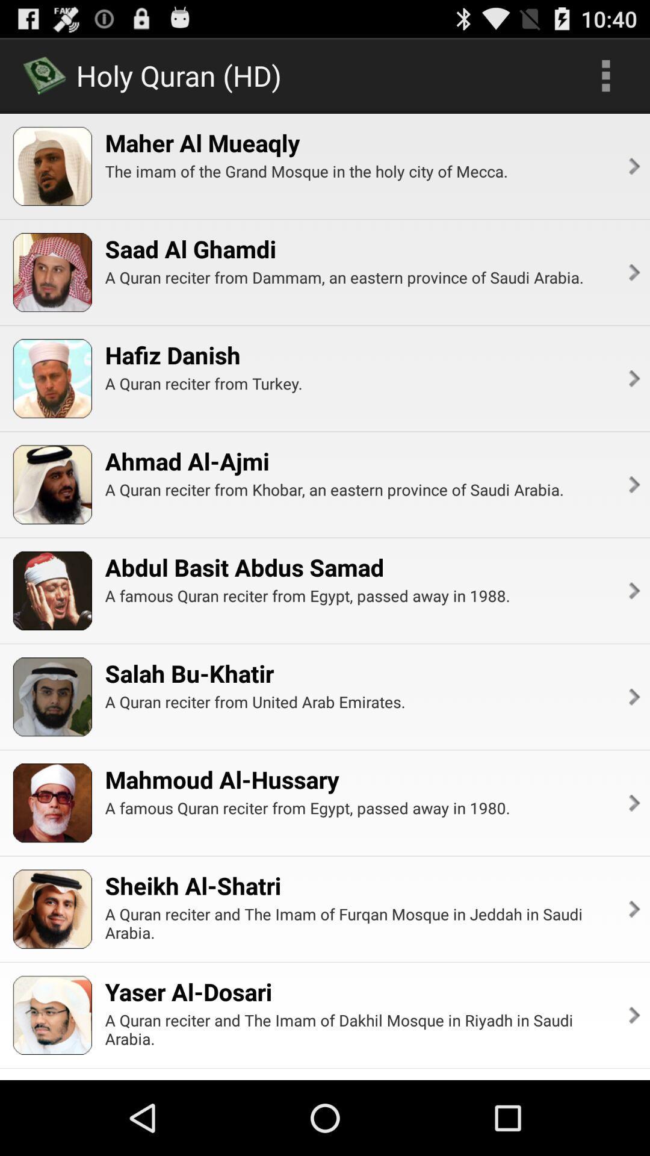  Describe the element at coordinates (633, 1015) in the screenshot. I see `icon next to the a quran reciter icon` at that location.